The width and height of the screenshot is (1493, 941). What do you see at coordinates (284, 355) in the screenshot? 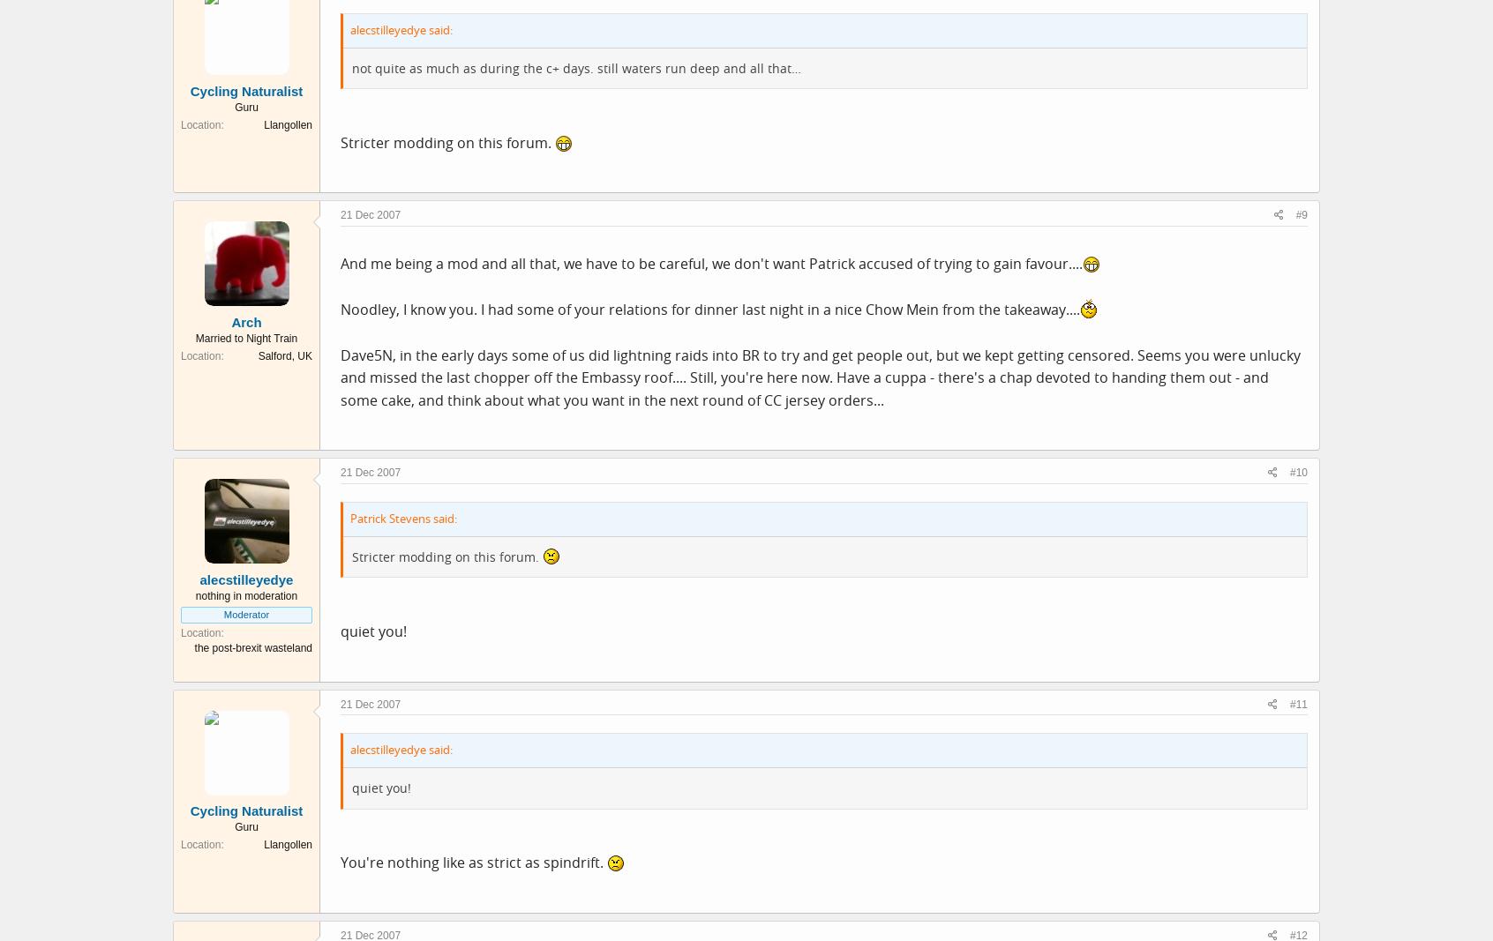
I see `'Salford, UK'` at bounding box center [284, 355].